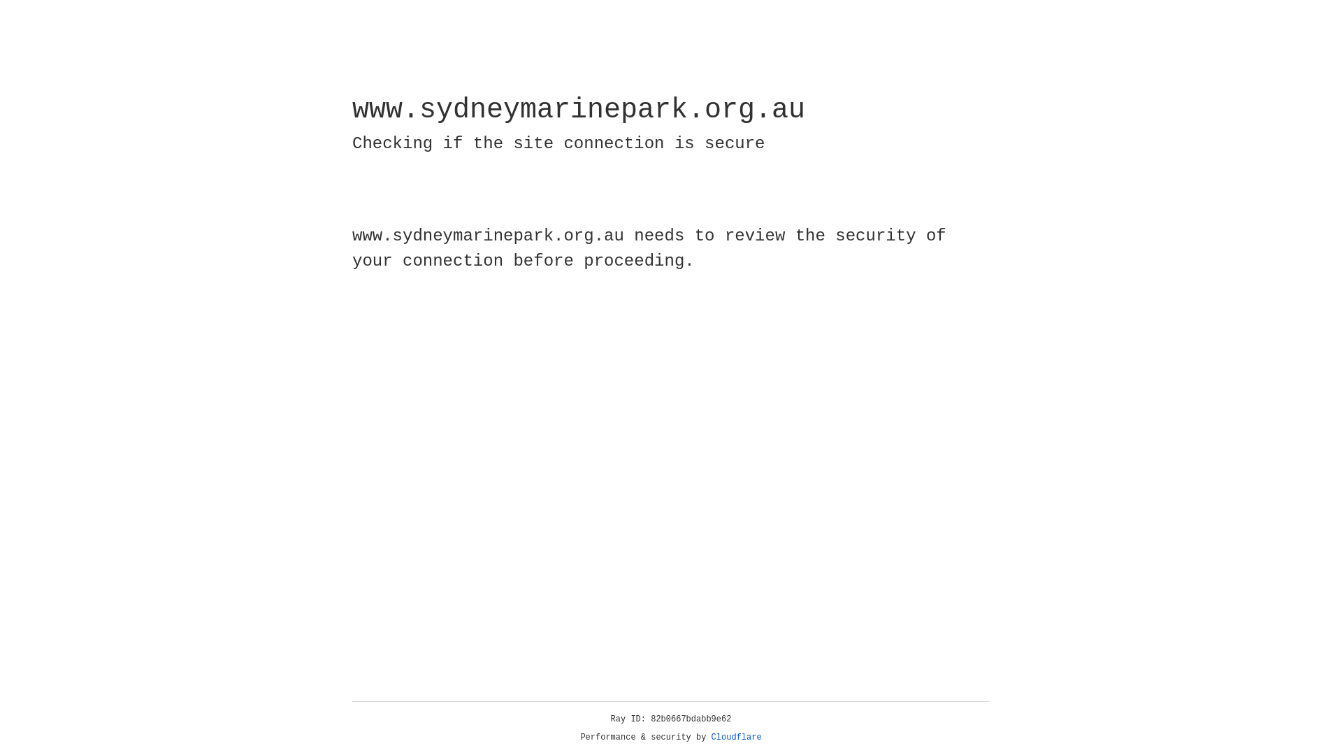  I want to click on 'Cloudflare', so click(736, 737).